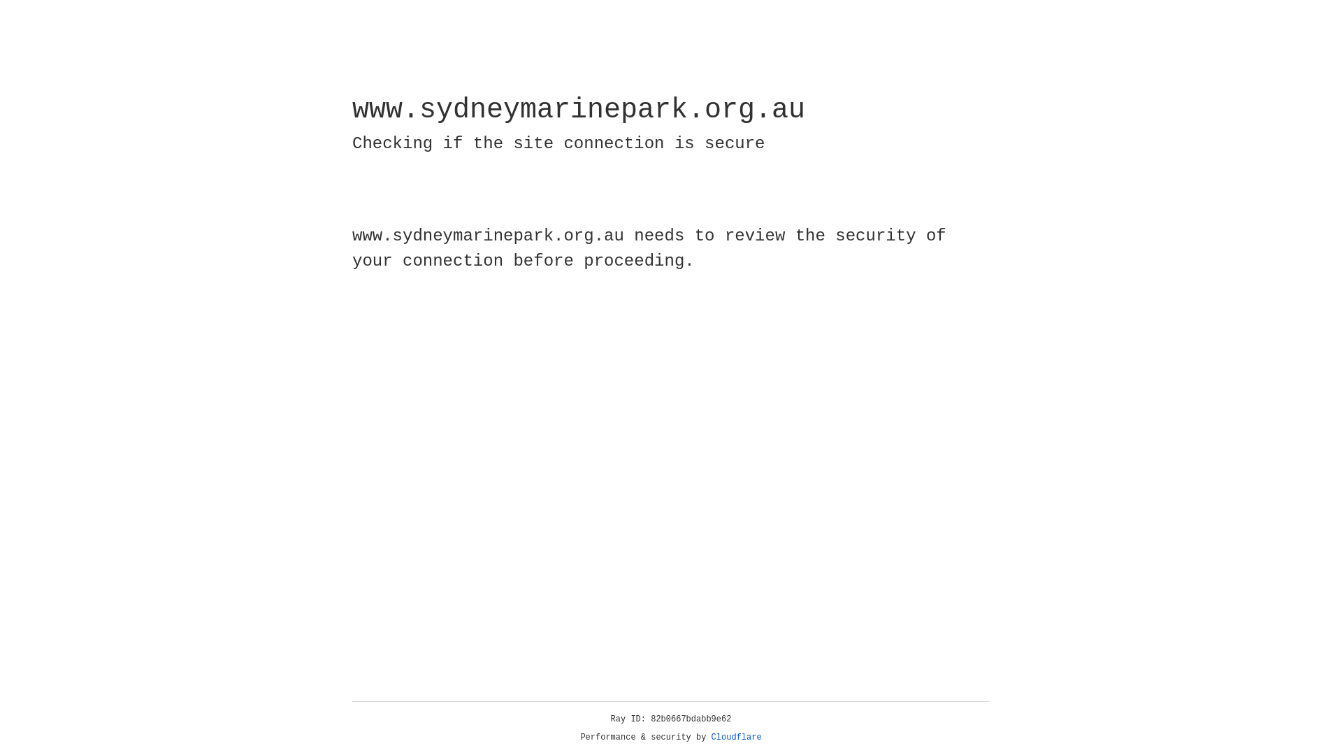  I want to click on 'Cloudflare', so click(736, 737).